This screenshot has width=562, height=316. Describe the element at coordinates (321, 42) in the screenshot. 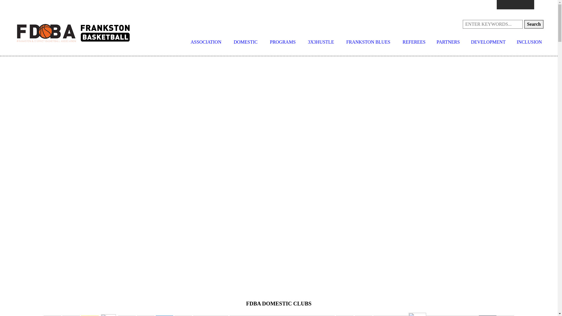

I see `'3X3HUSTLE'` at that location.